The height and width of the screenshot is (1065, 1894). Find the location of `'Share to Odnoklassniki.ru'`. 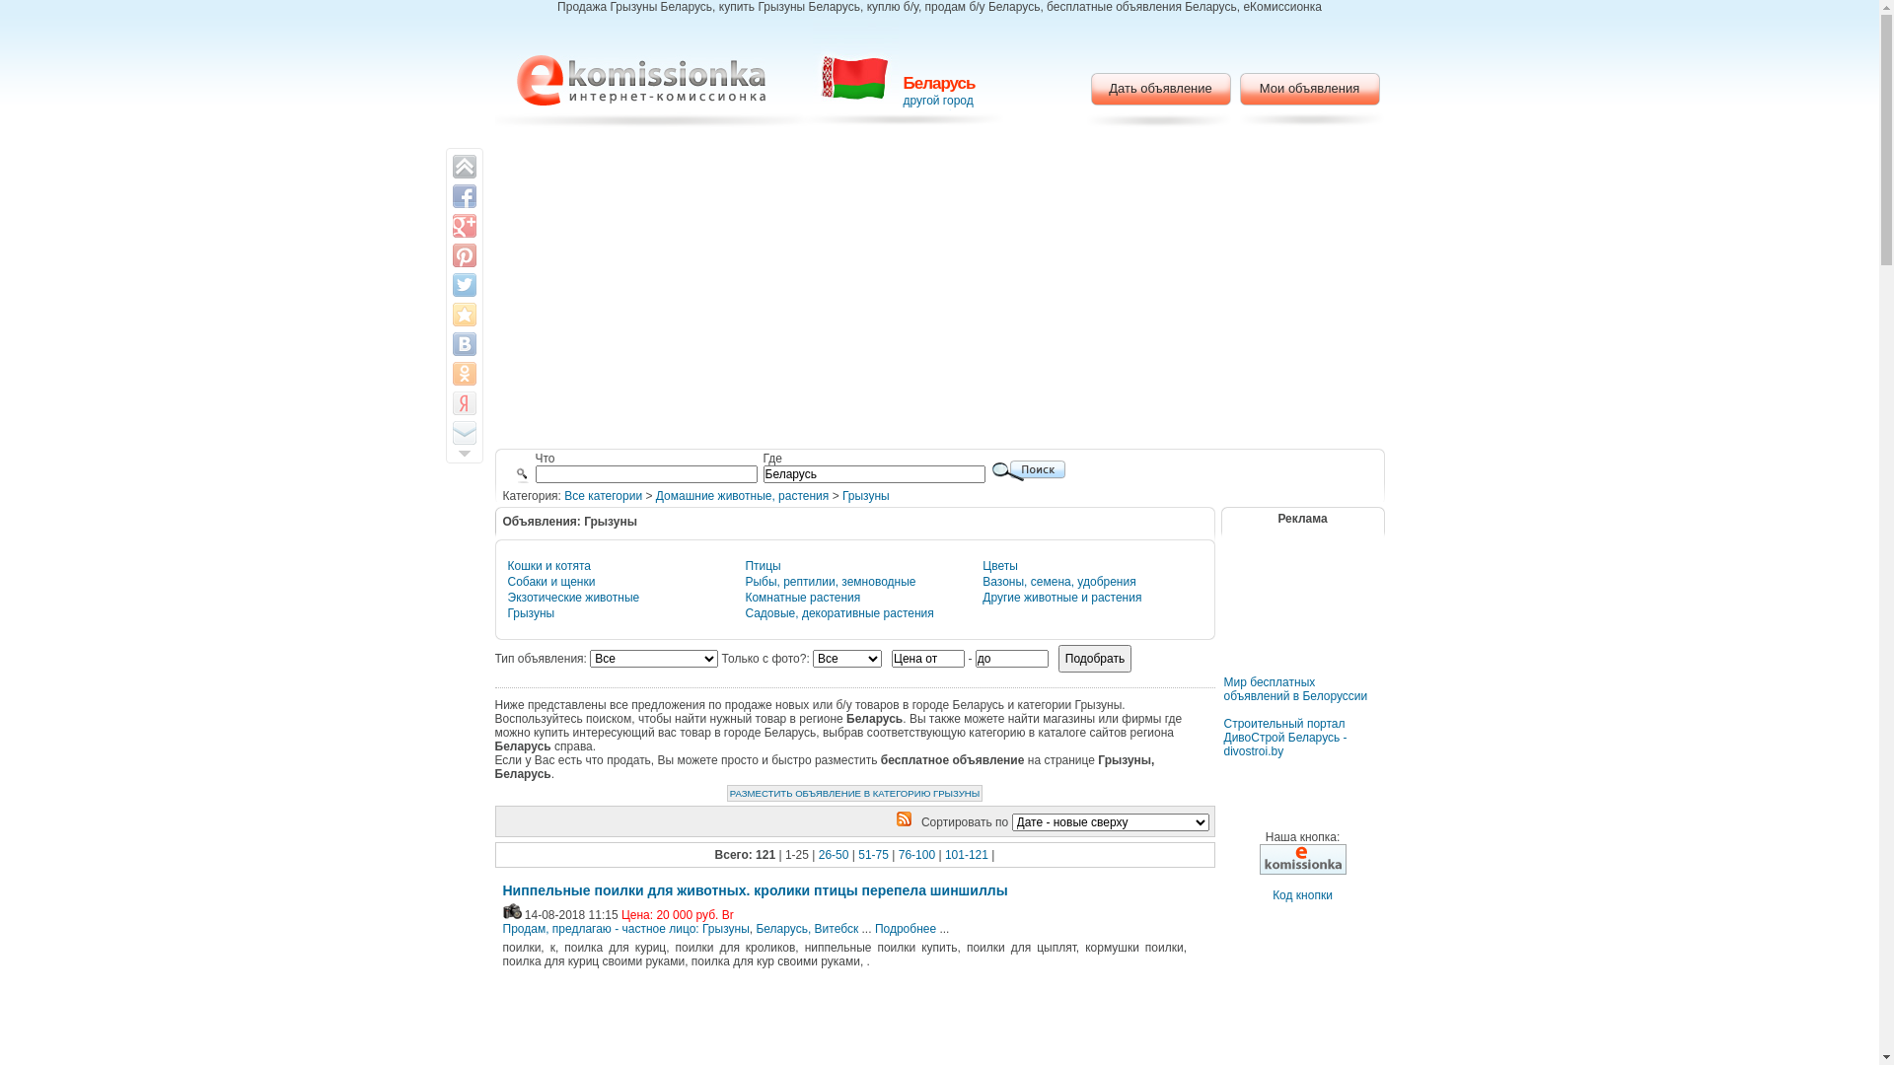

'Share to Odnoklassniki.ru' is located at coordinates (463, 373).